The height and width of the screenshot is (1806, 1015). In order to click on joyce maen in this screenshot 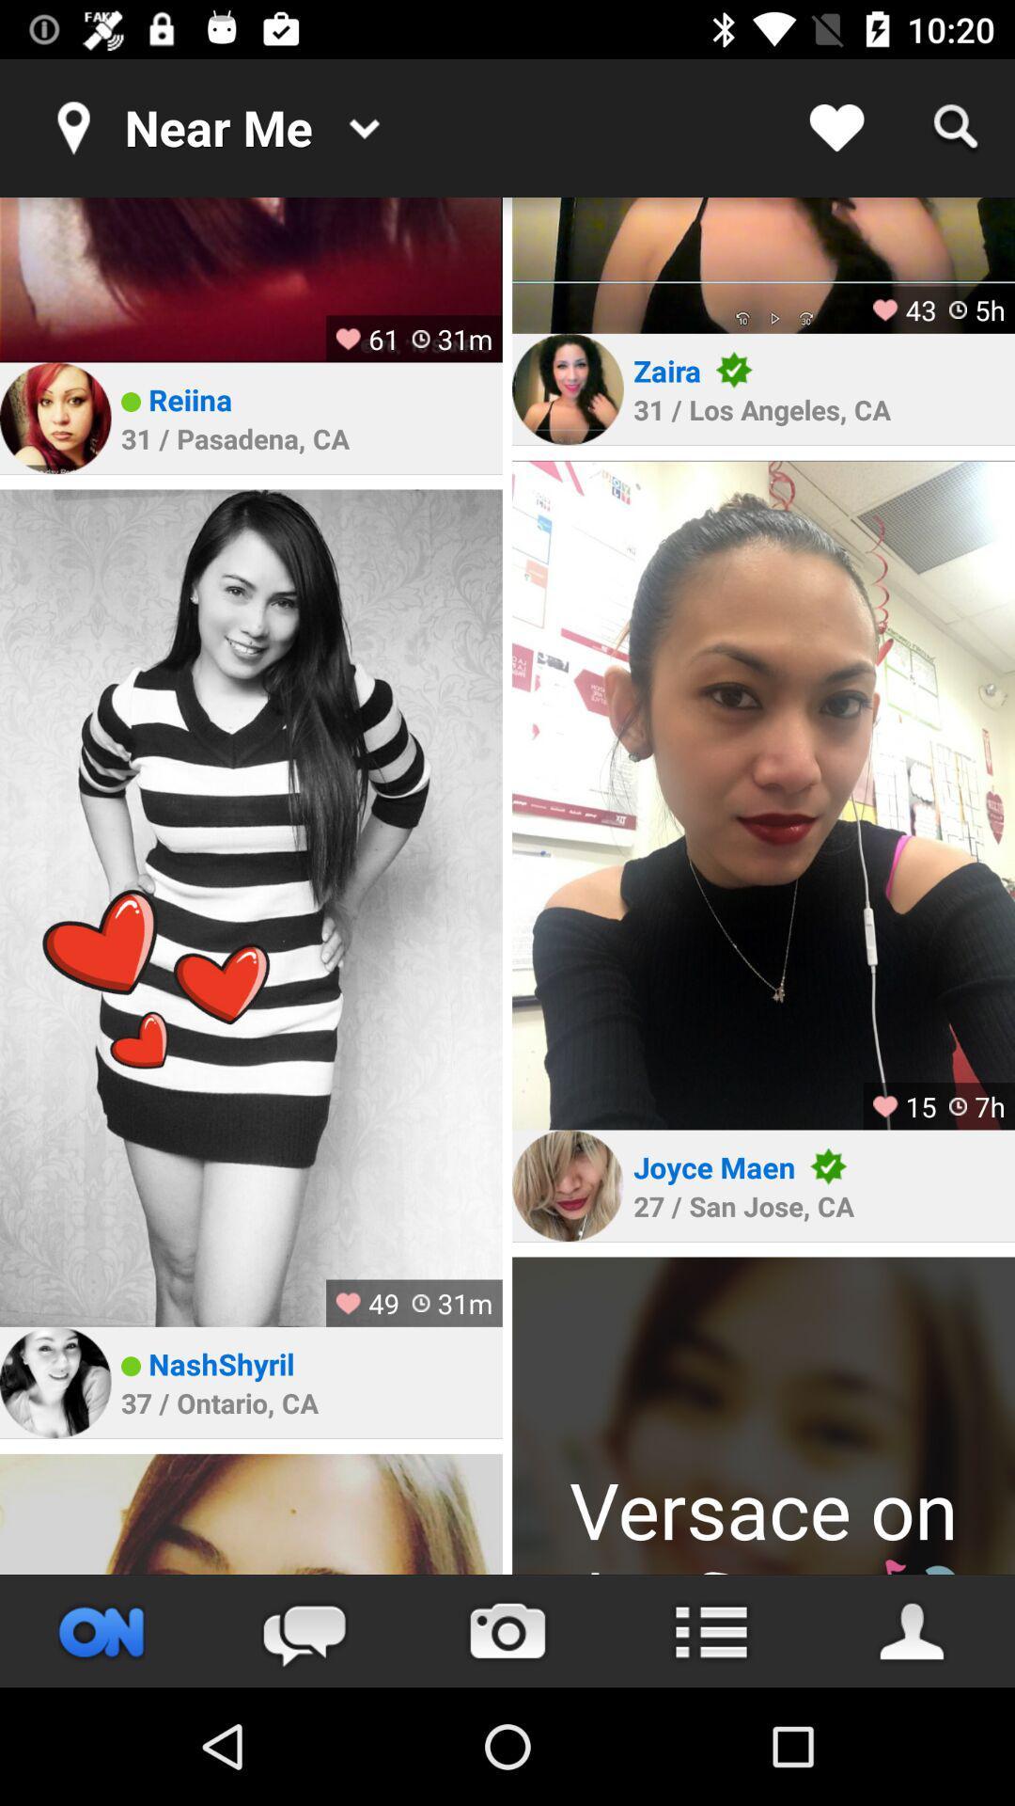, I will do `click(714, 1165)`.